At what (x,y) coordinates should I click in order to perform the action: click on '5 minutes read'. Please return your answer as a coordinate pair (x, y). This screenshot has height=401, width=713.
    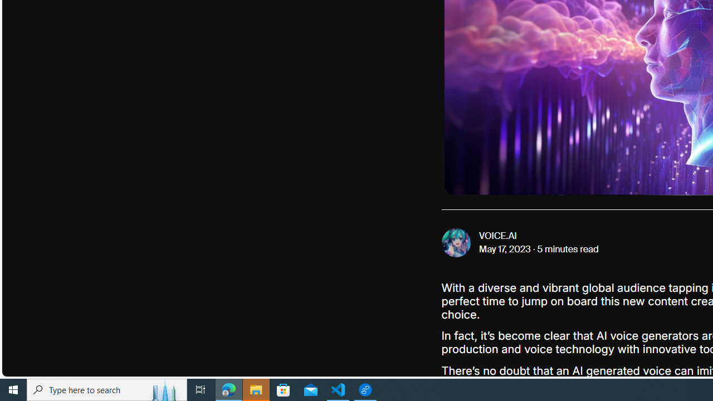
    Looking at the image, I should click on (568, 249).